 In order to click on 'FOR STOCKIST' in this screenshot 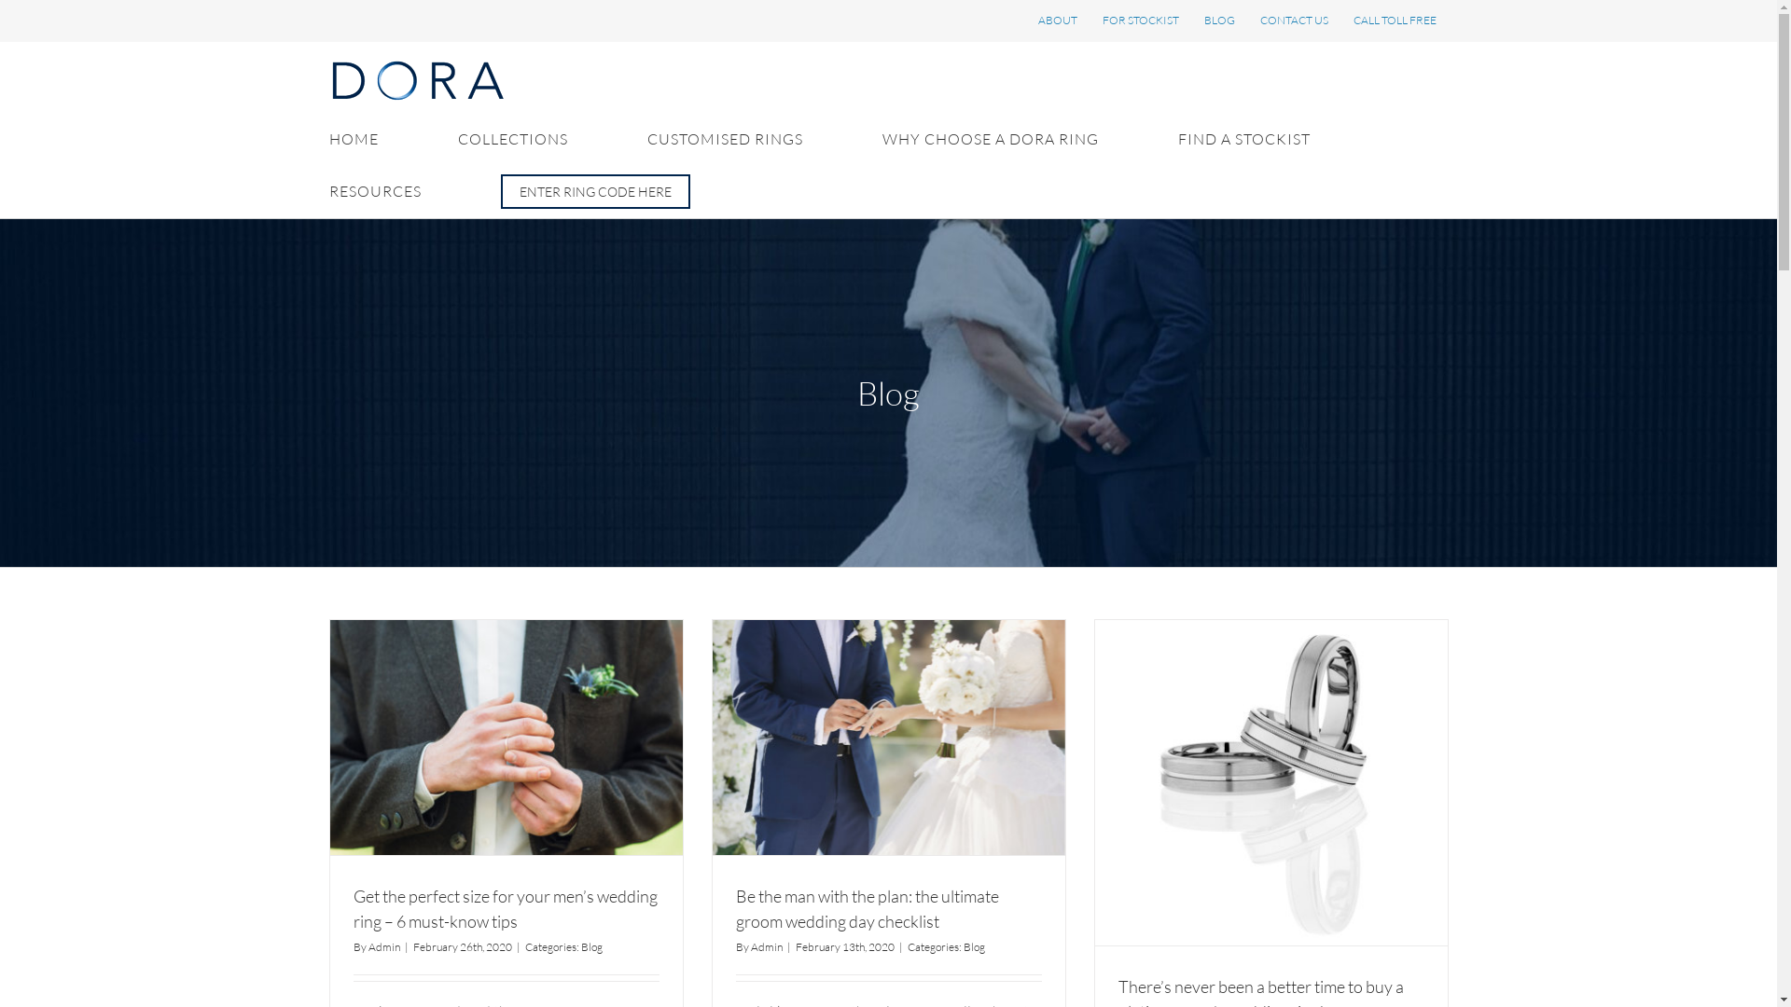, I will do `click(1139, 21)`.